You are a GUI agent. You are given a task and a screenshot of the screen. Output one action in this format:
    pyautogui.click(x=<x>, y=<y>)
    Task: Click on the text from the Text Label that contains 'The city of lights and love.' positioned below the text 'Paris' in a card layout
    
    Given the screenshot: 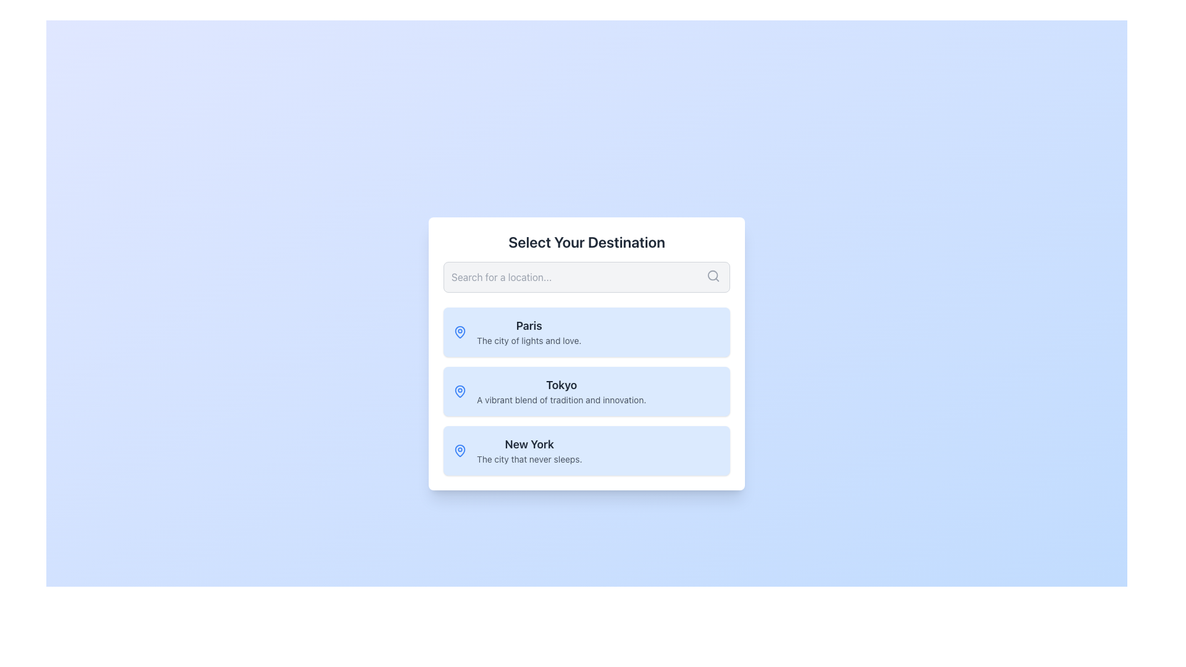 What is the action you would take?
    pyautogui.click(x=529, y=340)
    